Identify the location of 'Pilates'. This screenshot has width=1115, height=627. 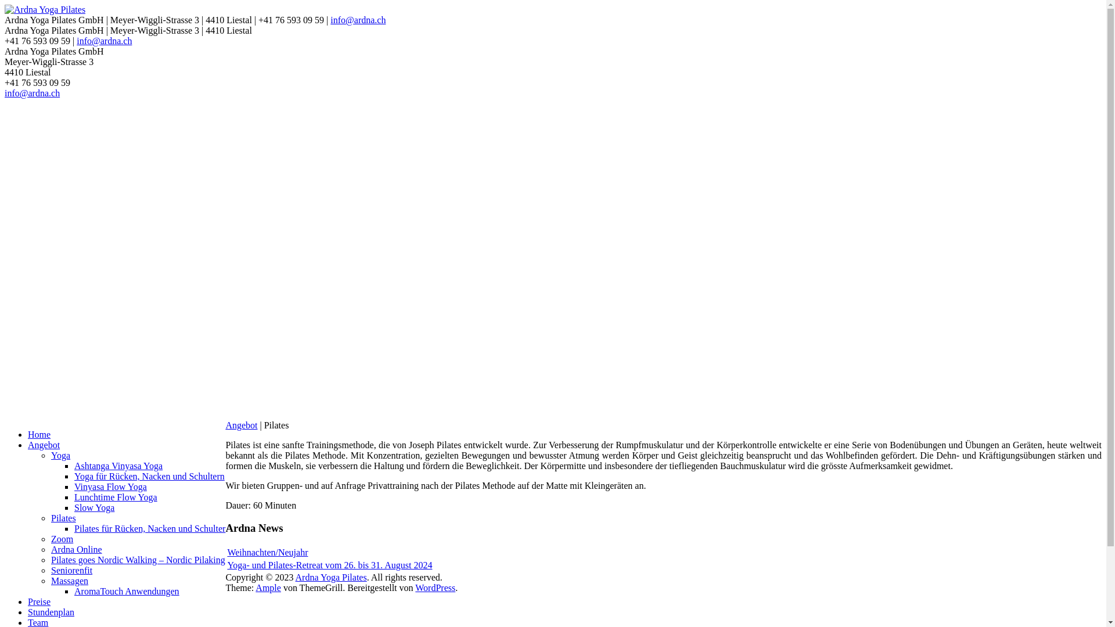
(50, 517).